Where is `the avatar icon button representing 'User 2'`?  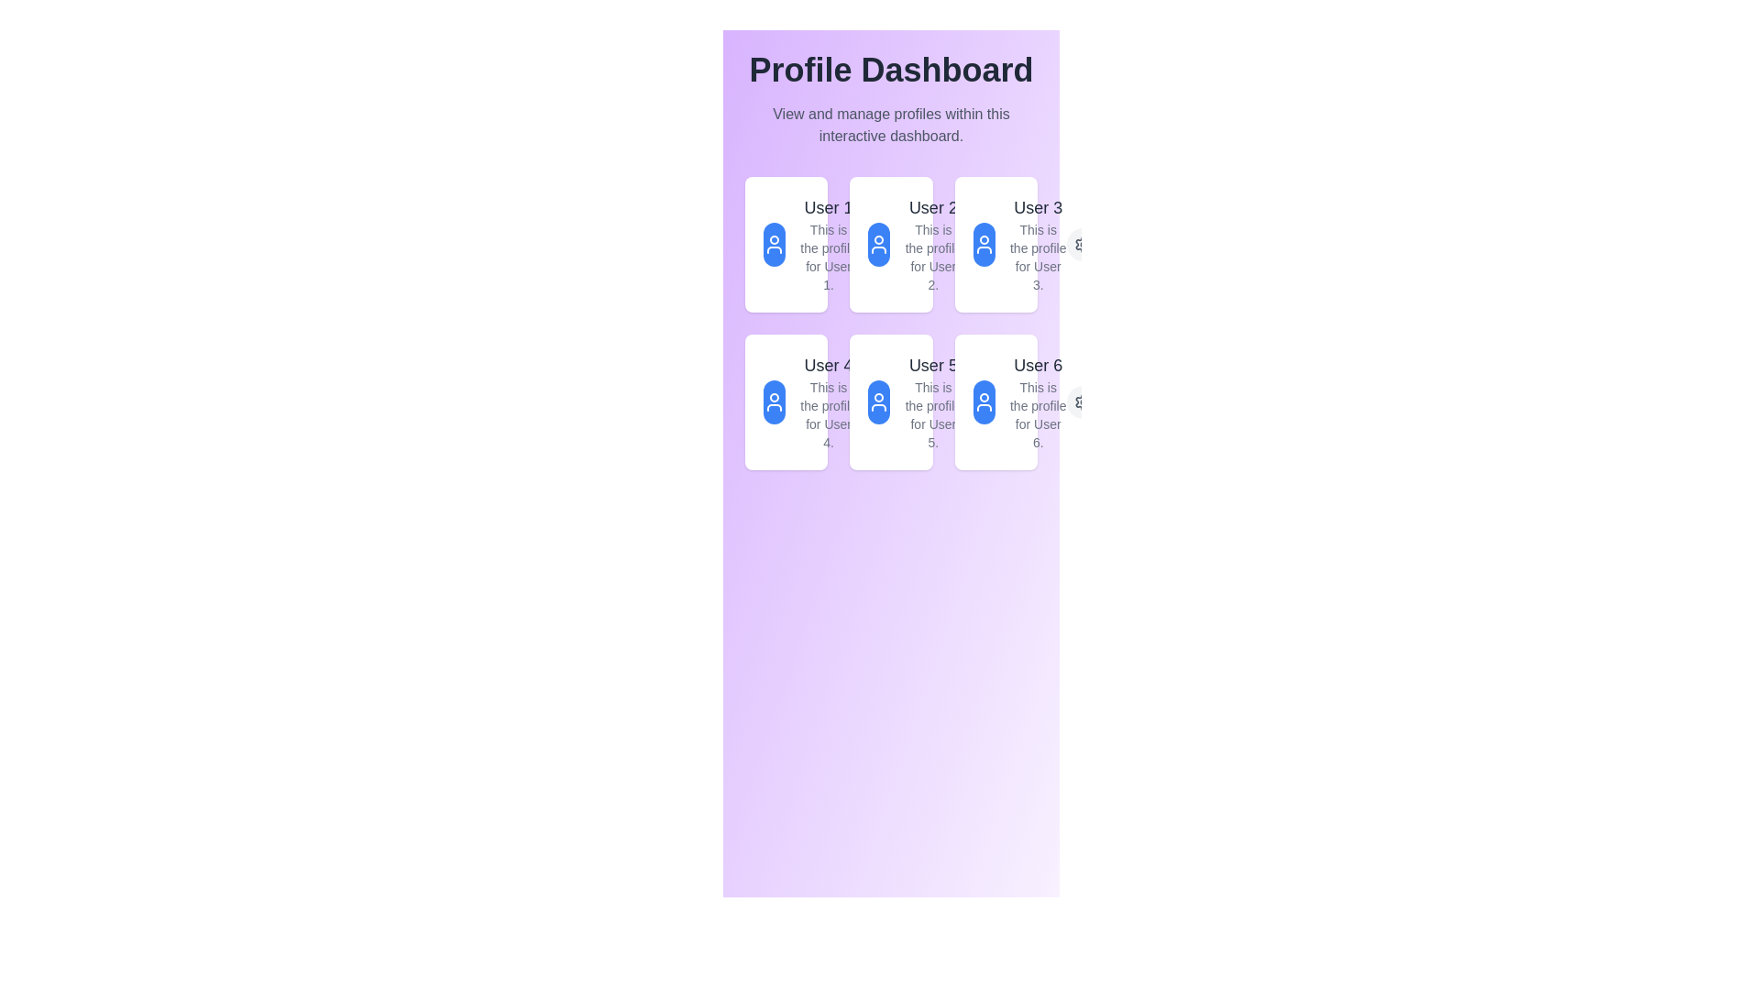
the avatar icon button representing 'User 2' is located at coordinates (878, 243).